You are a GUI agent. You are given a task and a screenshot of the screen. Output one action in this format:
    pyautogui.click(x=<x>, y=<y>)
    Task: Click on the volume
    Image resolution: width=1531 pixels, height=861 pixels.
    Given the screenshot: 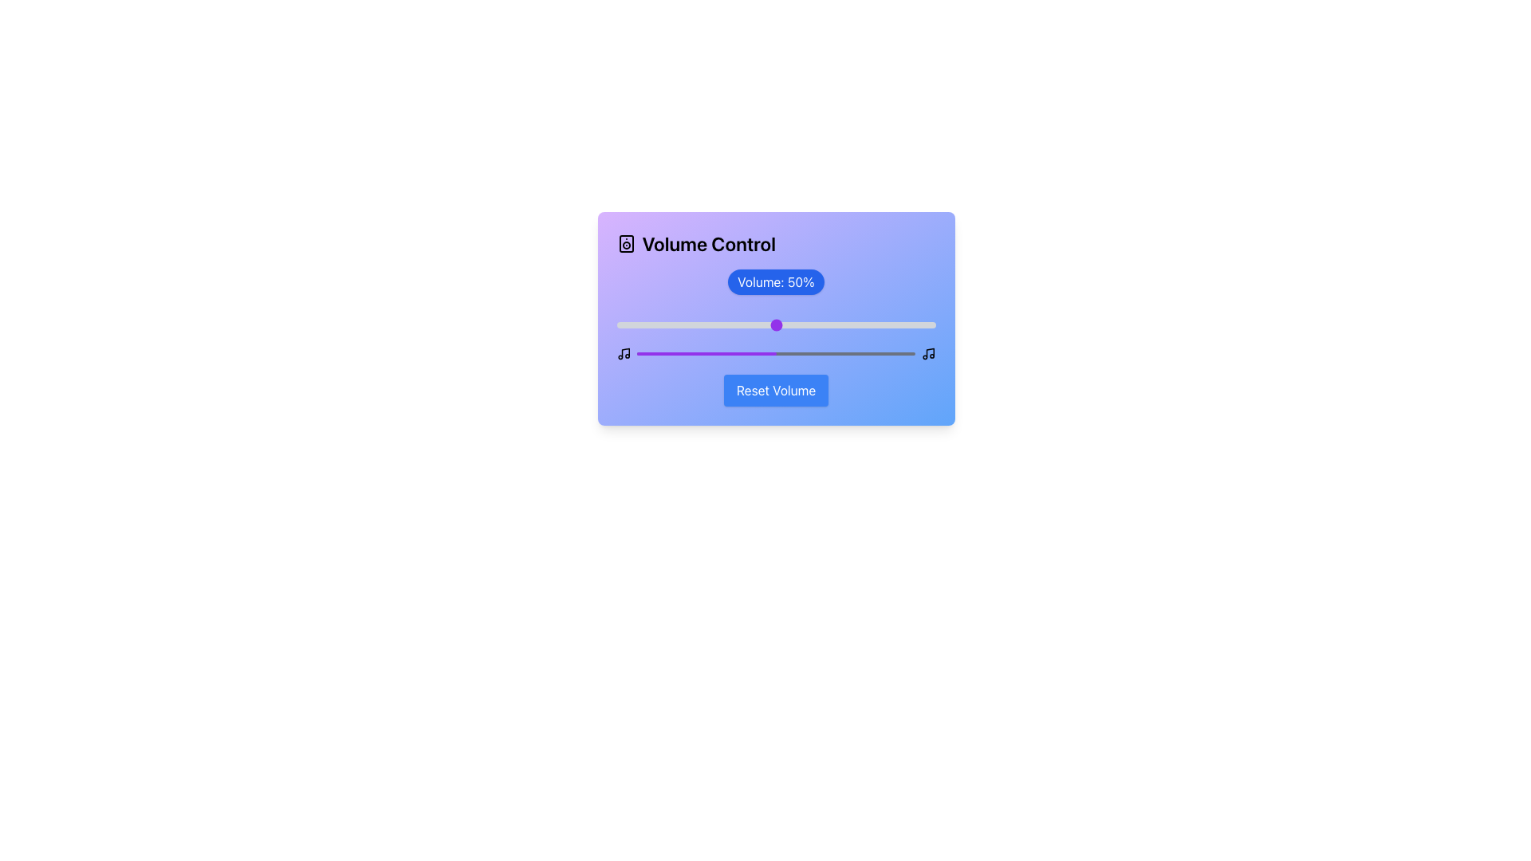 What is the action you would take?
    pyautogui.click(x=724, y=324)
    